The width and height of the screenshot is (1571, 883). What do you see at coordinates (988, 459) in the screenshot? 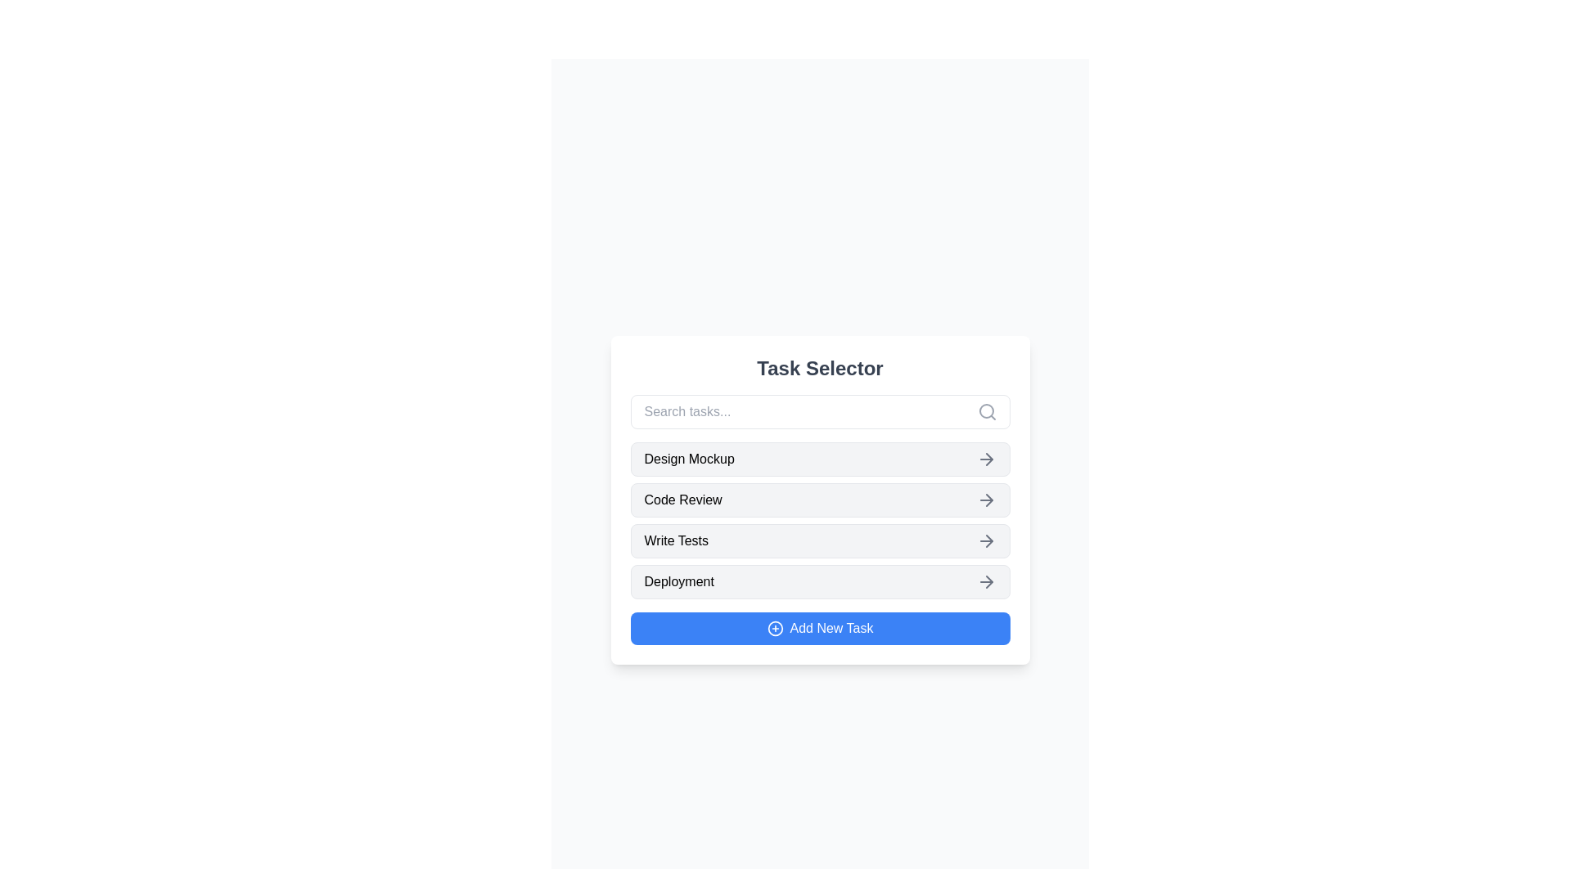
I see `the visual indicator icon located in the top-right corner of the 'Design Mockup' option` at bounding box center [988, 459].